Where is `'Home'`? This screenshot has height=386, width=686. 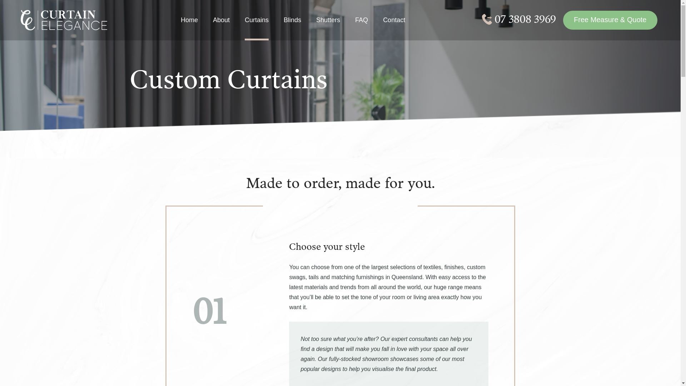 'Home' is located at coordinates (189, 27).